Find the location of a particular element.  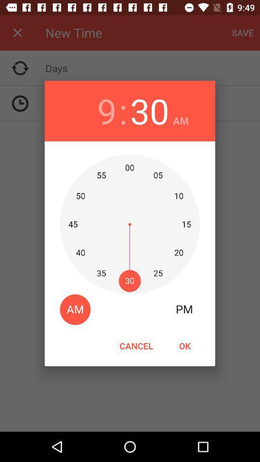

ok at the bottom right corner is located at coordinates (184, 346).